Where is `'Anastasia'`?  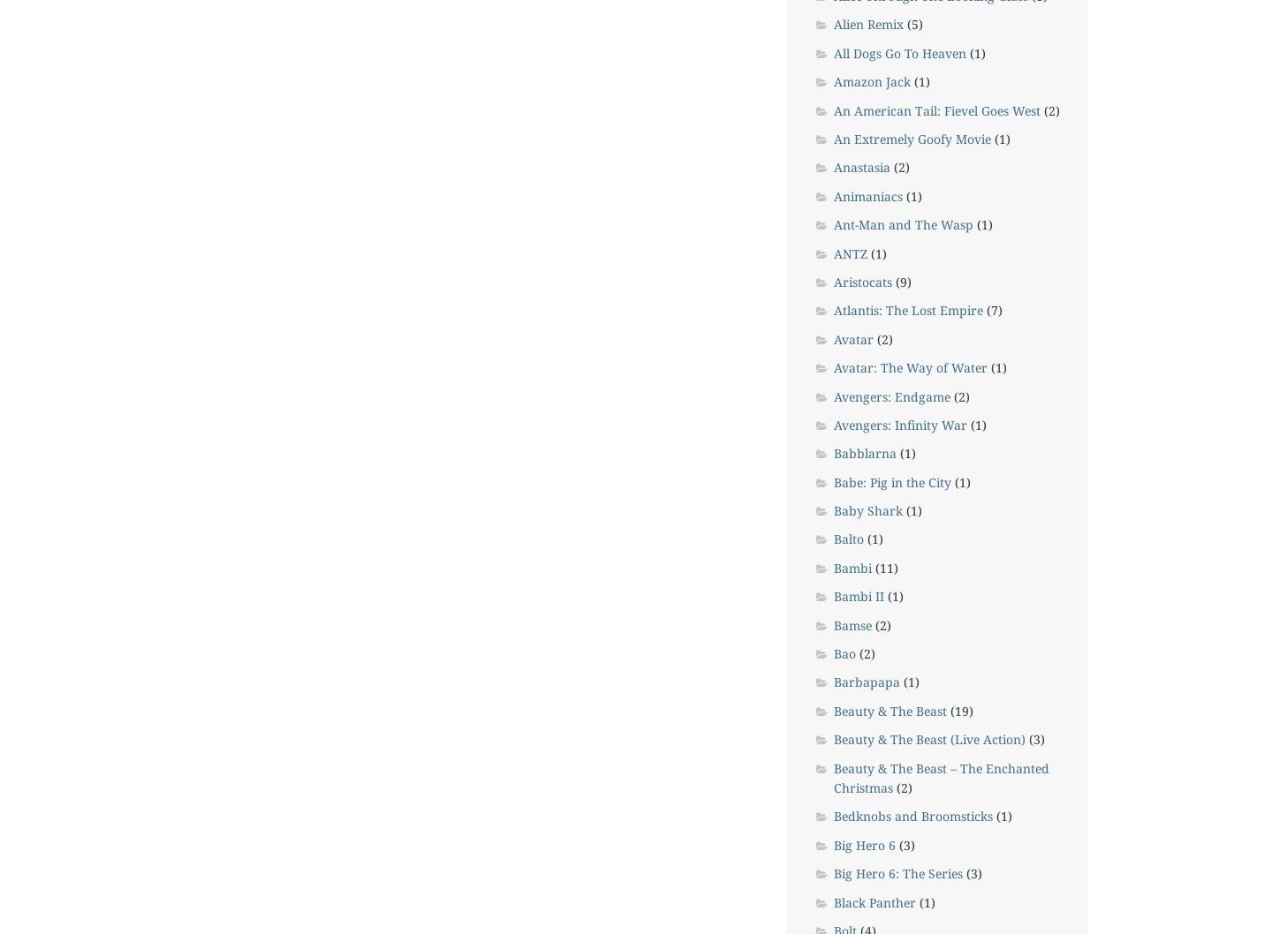
'Anastasia' is located at coordinates (860, 167).